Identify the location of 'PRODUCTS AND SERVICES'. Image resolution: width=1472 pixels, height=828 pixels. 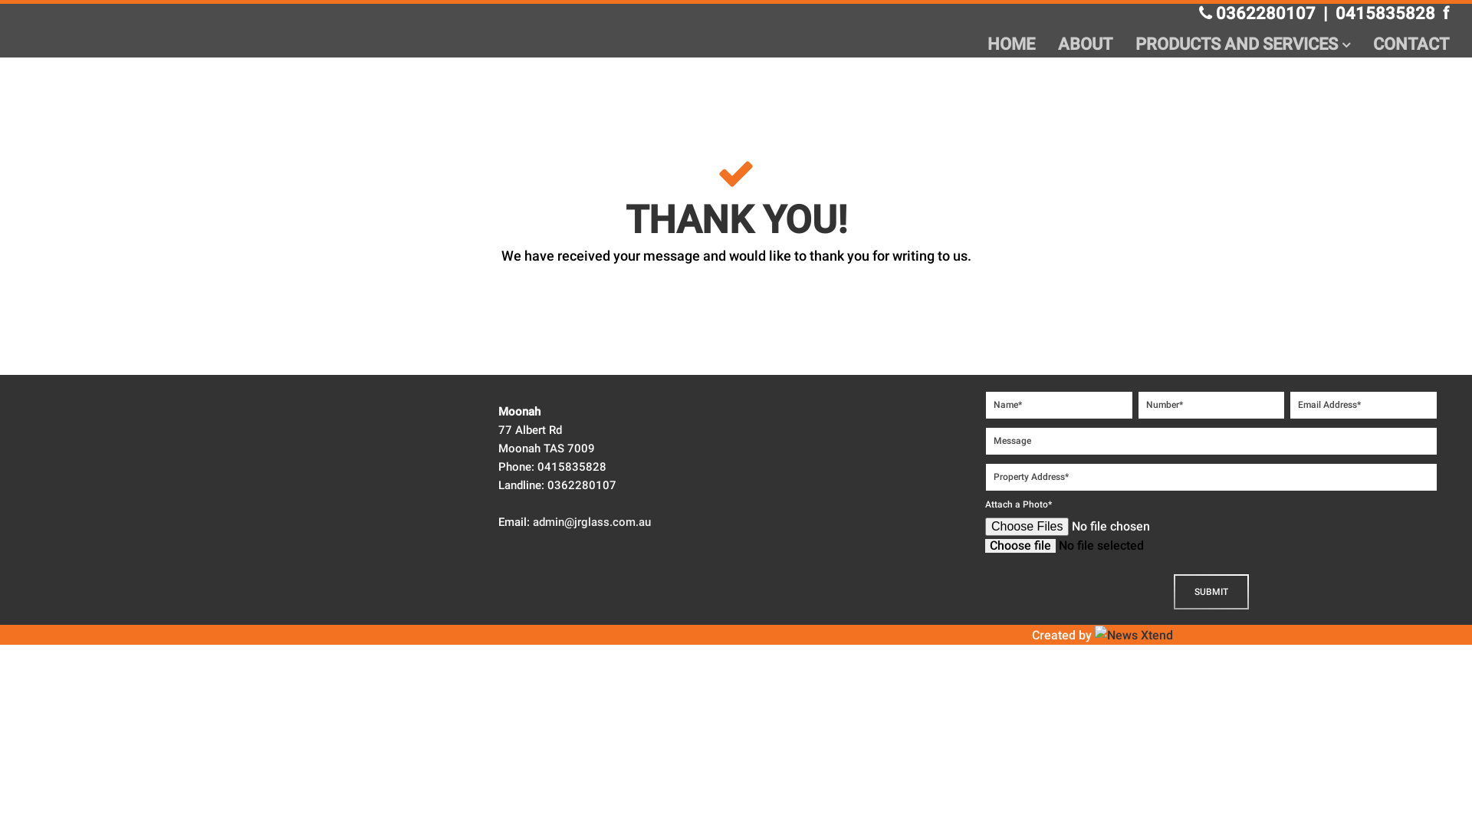
(1243, 44).